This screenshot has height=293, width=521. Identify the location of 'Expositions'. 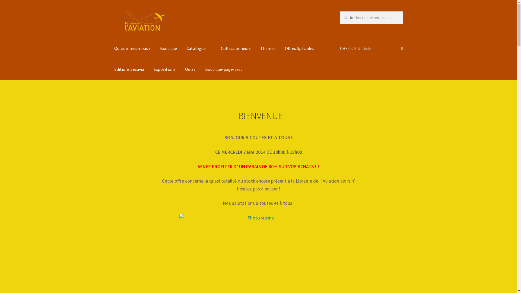
(164, 69).